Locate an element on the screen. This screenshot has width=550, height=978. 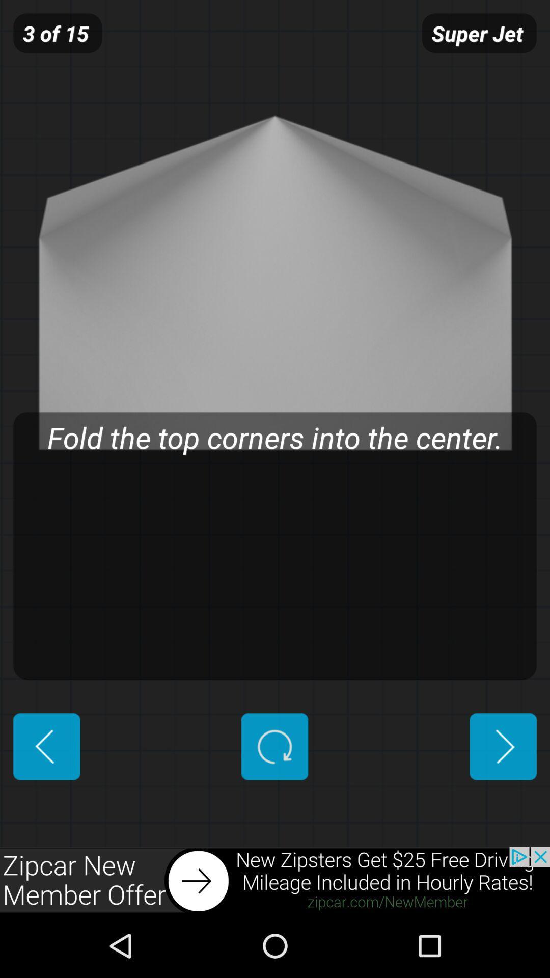
the arrow_forward icon is located at coordinates (503, 798).